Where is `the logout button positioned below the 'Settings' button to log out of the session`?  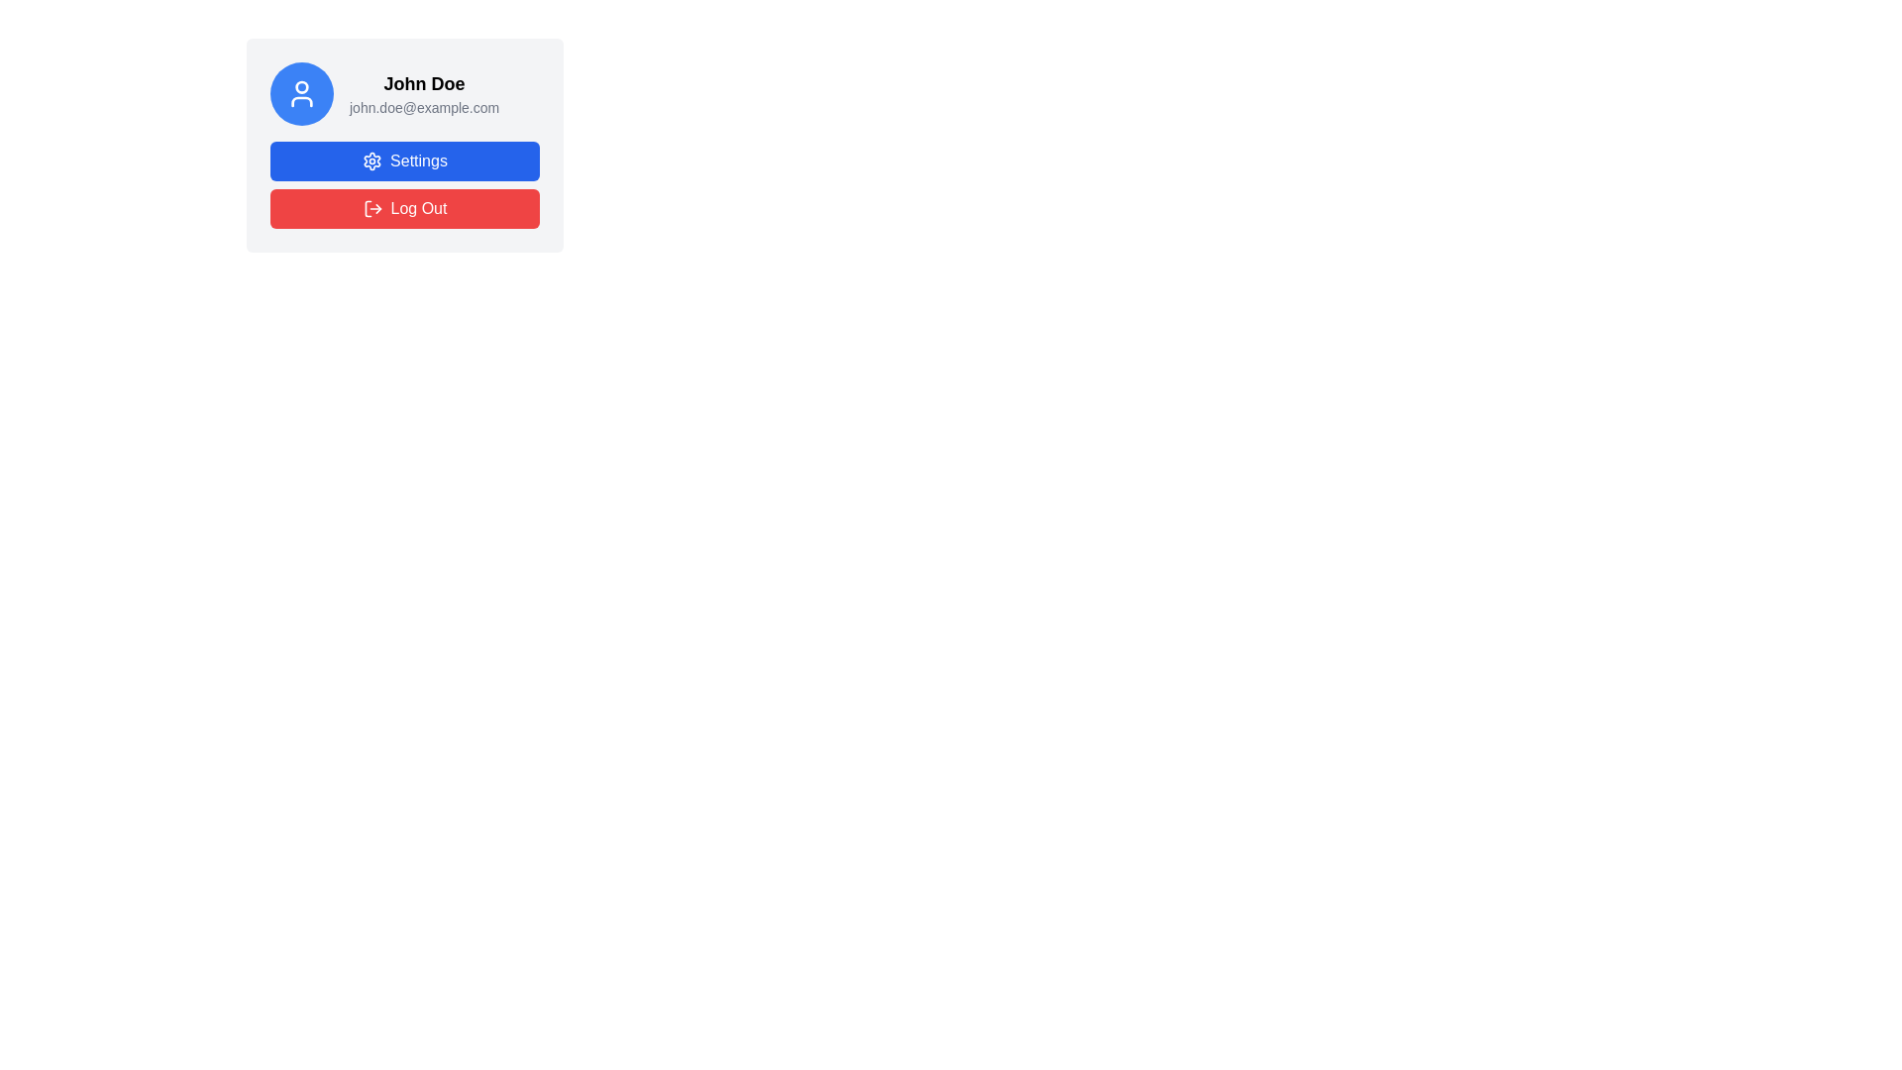
the logout button positioned below the 'Settings' button to log out of the session is located at coordinates (403, 209).